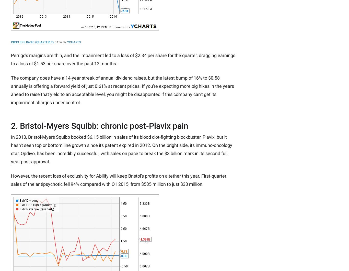 The image size is (349, 271). What do you see at coordinates (157, 45) in the screenshot?
I see `'All Services'` at bounding box center [157, 45].